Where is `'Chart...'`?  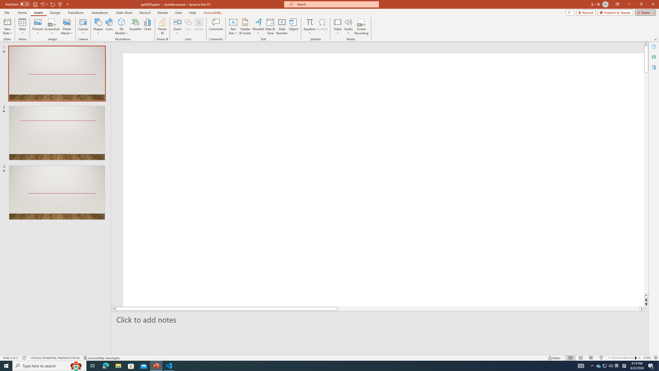 'Chart...' is located at coordinates (147, 27).